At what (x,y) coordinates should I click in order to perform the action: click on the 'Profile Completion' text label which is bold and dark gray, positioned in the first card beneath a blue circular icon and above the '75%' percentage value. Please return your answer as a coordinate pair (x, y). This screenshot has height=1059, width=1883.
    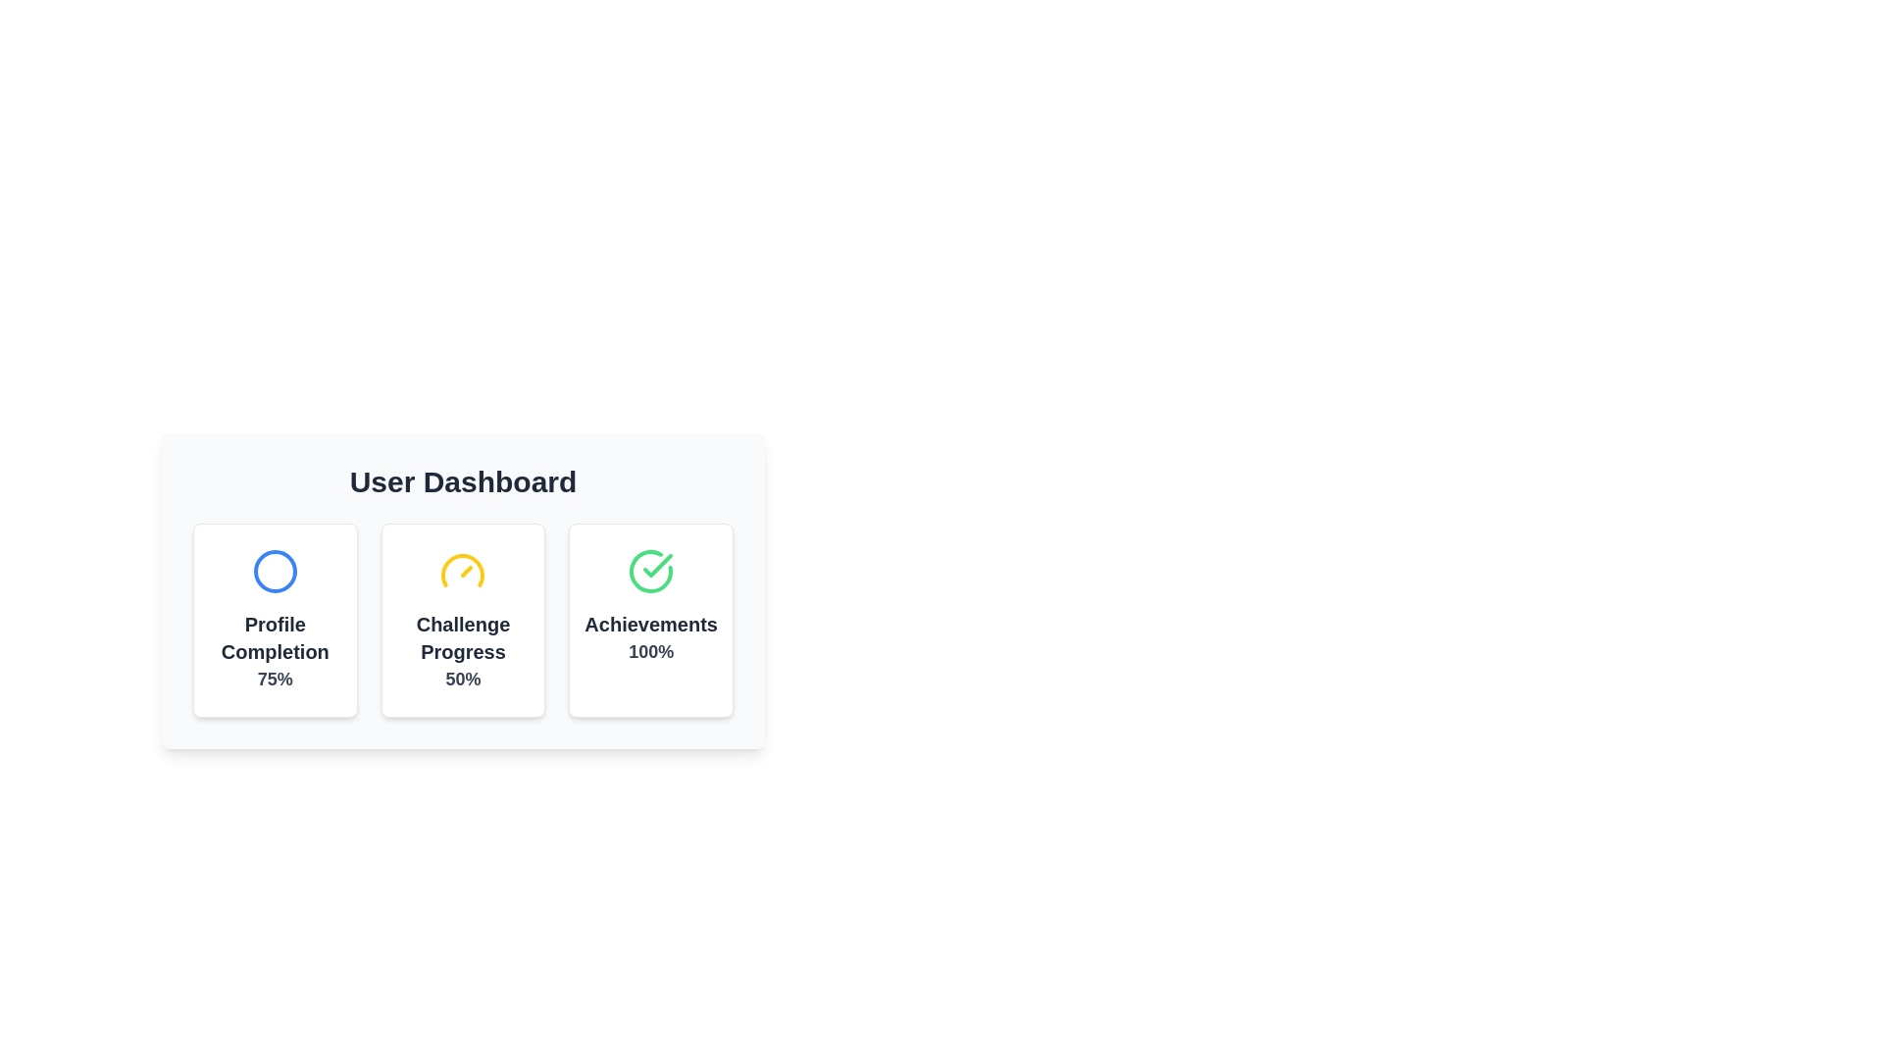
    Looking at the image, I should click on (274, 638).